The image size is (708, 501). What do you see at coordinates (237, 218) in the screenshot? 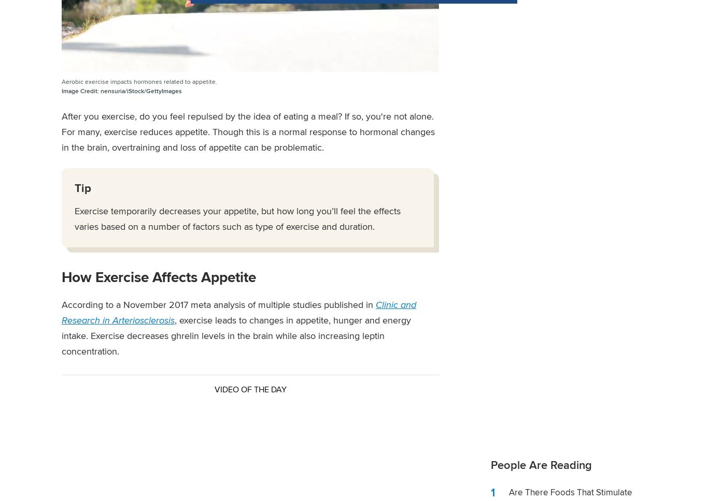
I see `'Exercise temporarily decreases your appetite, but how long you’ll feel the effects varies based on a number of factors such as type of exercise and duration.'` at bounding box center [237, 218].